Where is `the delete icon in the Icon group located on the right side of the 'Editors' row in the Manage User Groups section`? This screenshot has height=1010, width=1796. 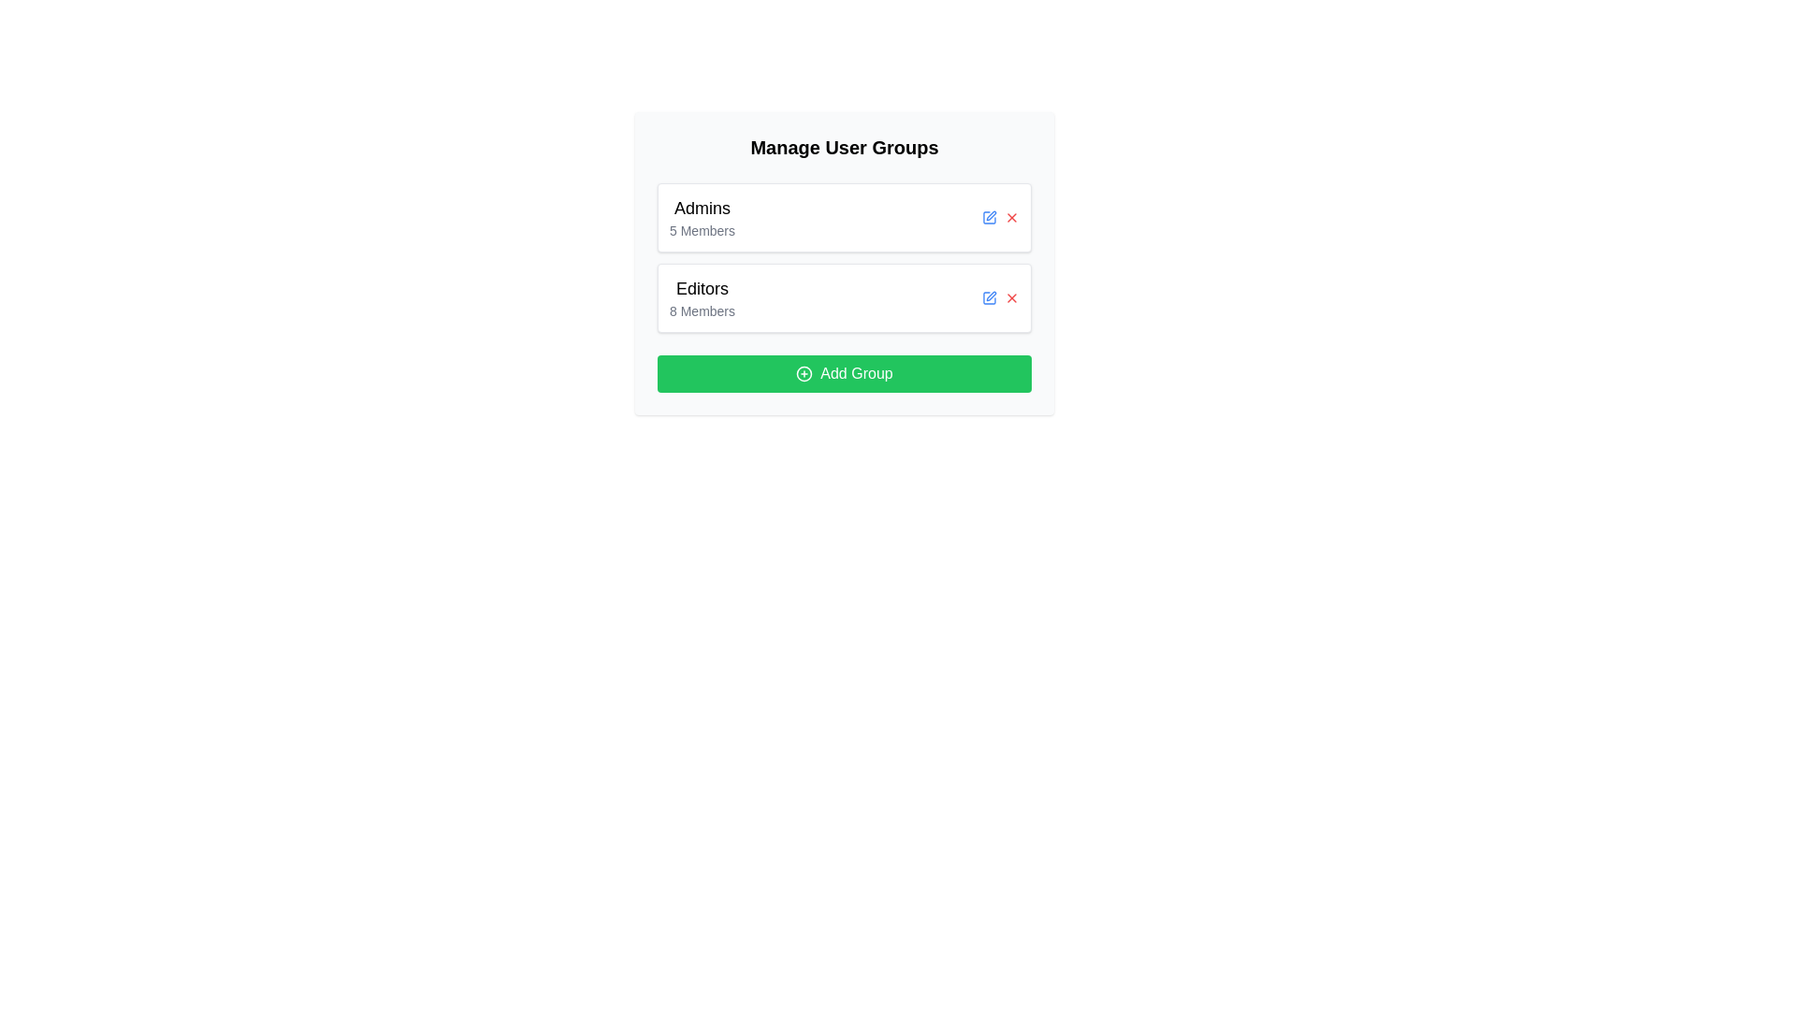 the delete icon in the Icon group located on the right side of the 'Editors' row in the Manage User Groups section is located at coordinates (1000, 297).